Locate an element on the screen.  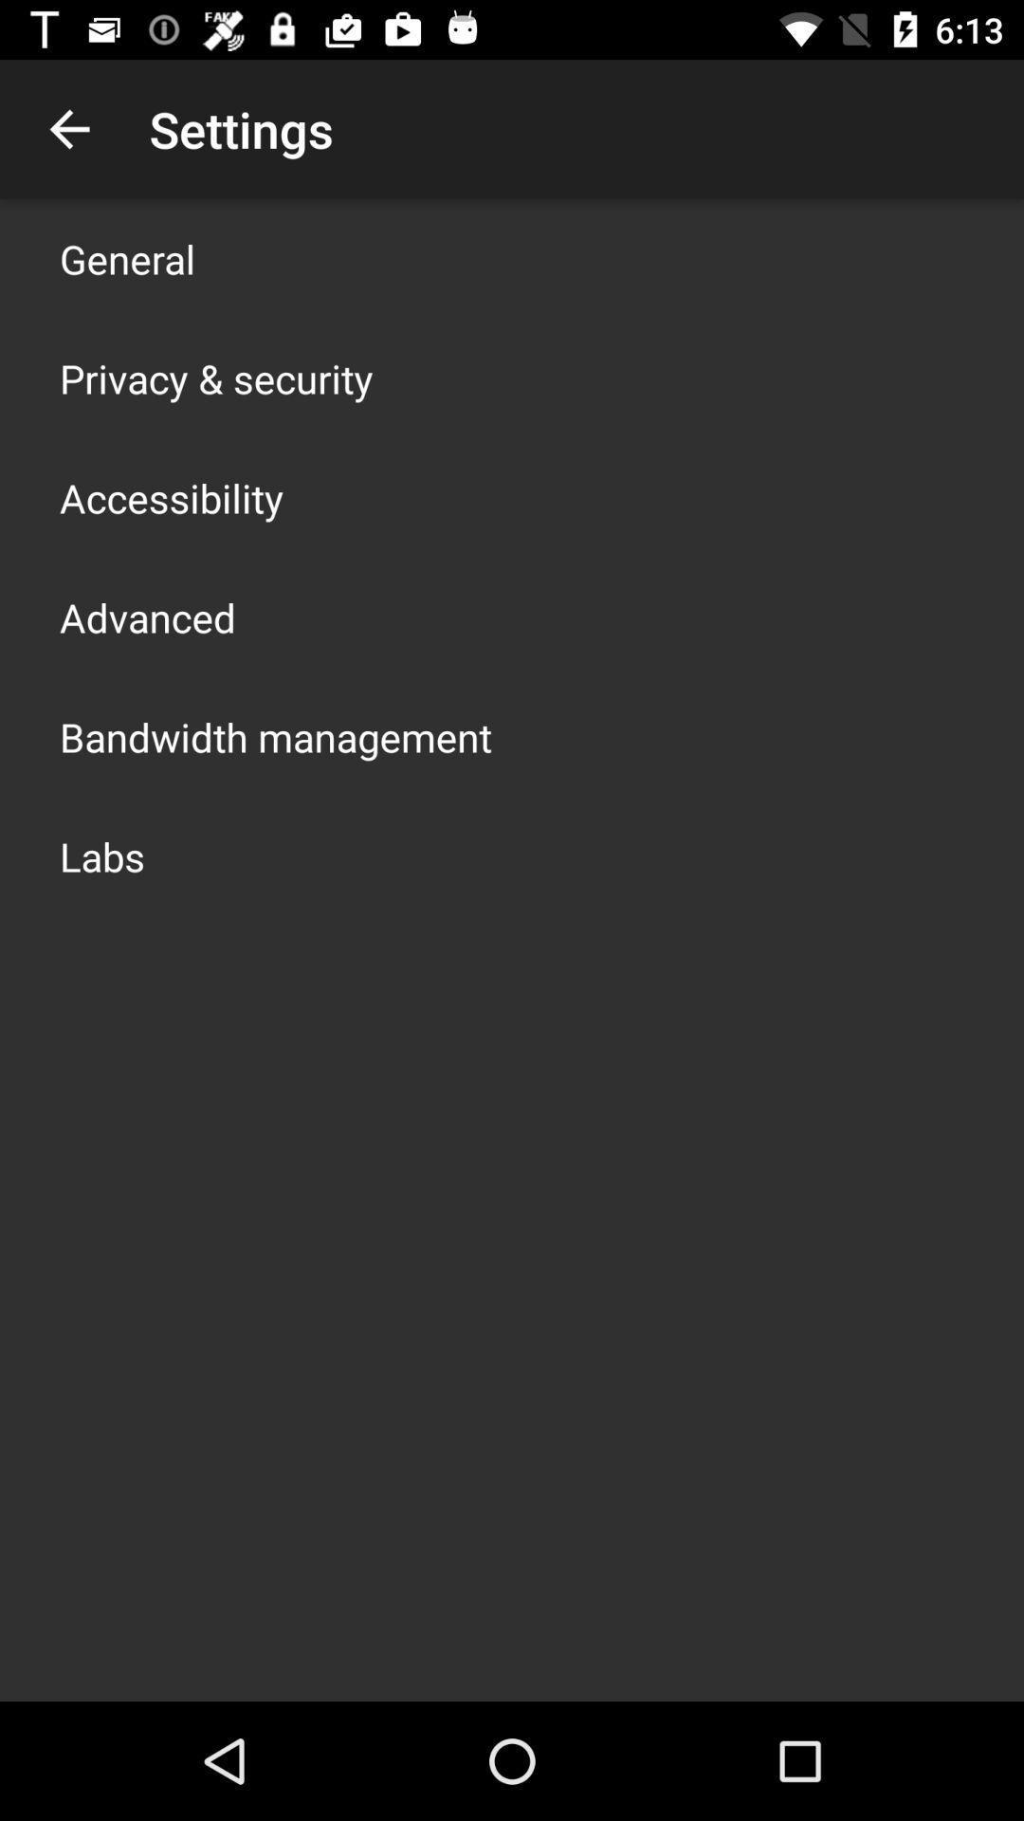
the item next to settings icon is located at coordinates (68, 128).